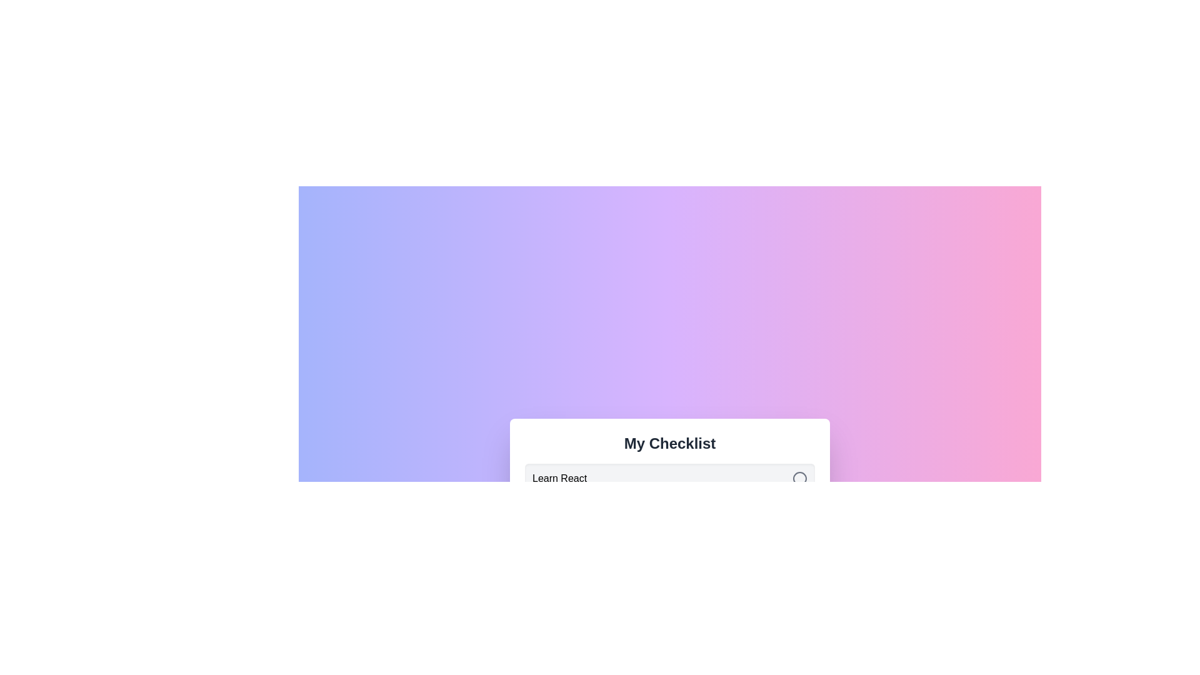 This screenshot has height=675, width=1200. Describe the element at coordinates (62, 62) in the screenshot. I see `the background outside the checklist` at that location.